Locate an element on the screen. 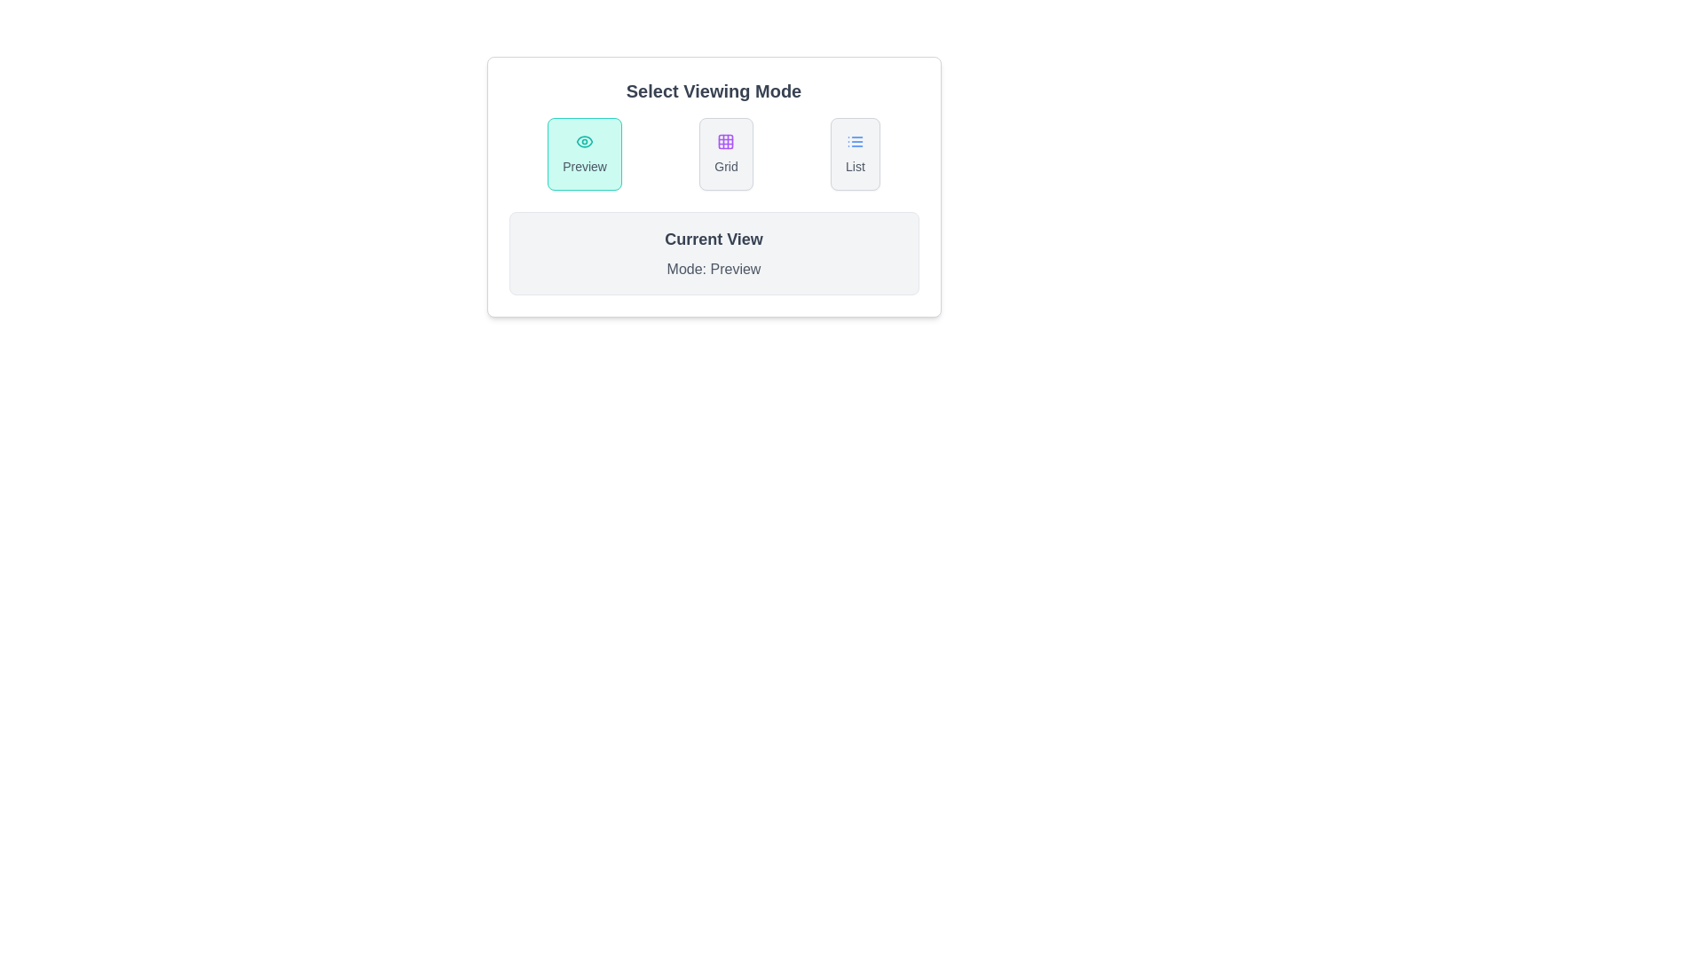 This screenshot has width=1704, height=958. text content of the 'Preview' text label, which is styled with a small font size and medium weight, located below an eye icon in the leftmost section of the viewing modes is located at coordinates (585, 167).